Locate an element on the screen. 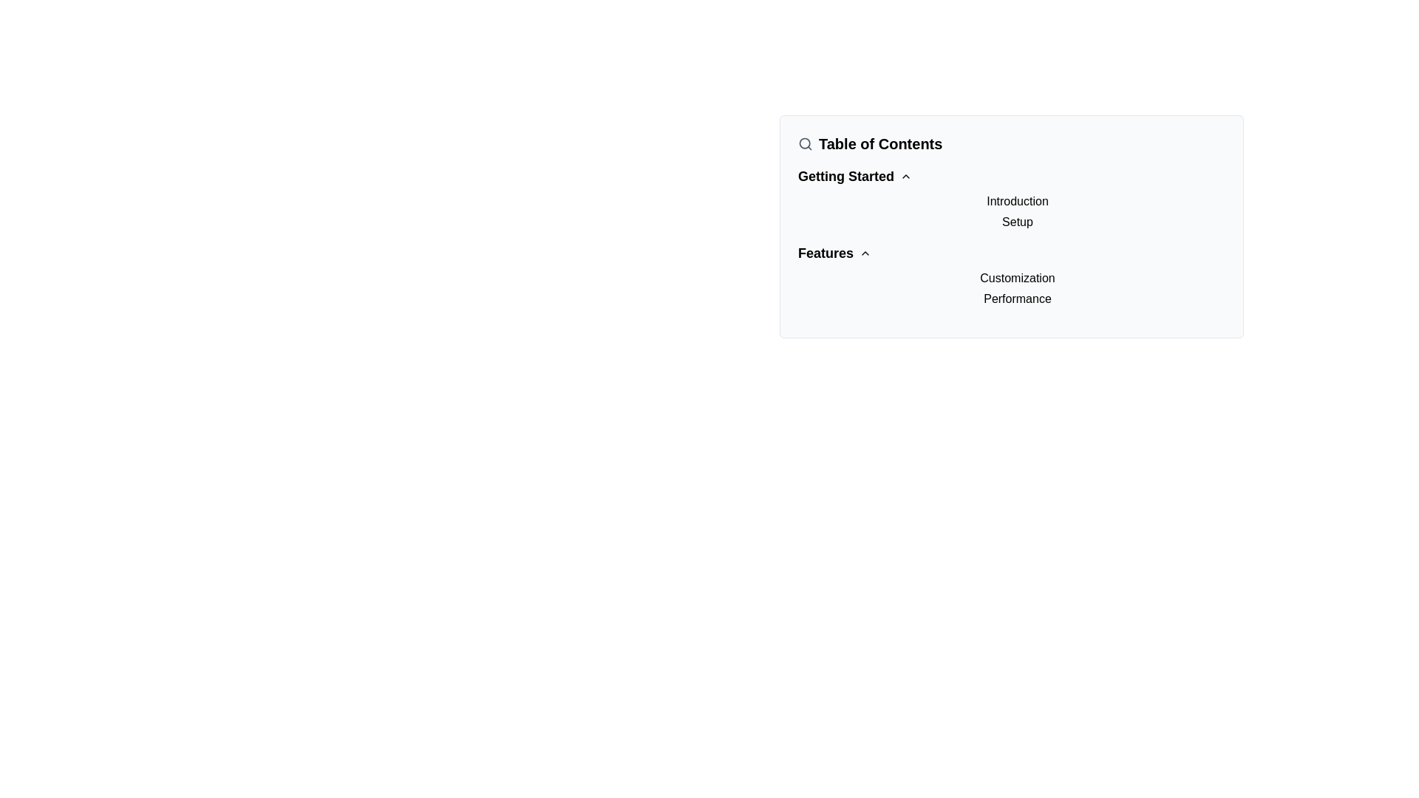 Image resolution: width=1419 pixels, height=798 pixels. the upward-pointing chevron icon next to the 'Getting Started' text is located at coordinates (905, 176).